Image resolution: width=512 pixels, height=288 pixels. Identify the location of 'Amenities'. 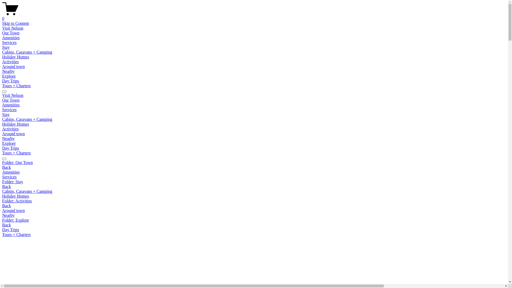
(2, 37).